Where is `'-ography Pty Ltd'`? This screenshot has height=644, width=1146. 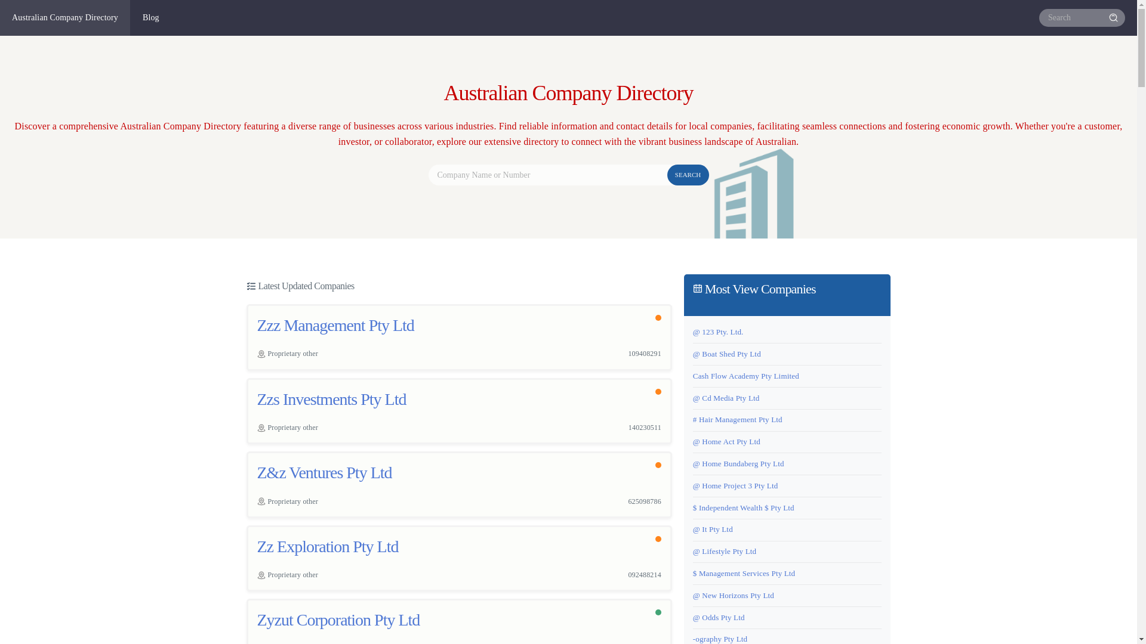
'-ography Pty Ltd' is located at coordinates (693, 638).